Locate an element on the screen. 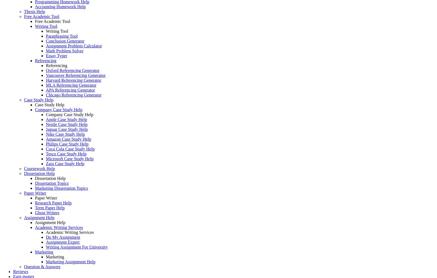 This screenshot has height=278, width=437. 'Microsoft Case Study Help' is located at coordinates (70, 159).